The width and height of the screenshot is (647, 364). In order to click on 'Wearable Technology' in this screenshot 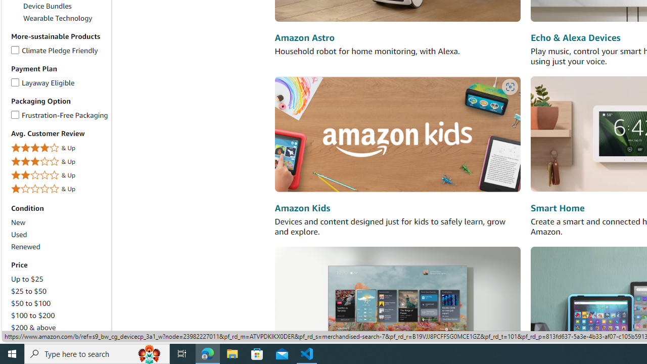, I will do `click(57, 18)`.